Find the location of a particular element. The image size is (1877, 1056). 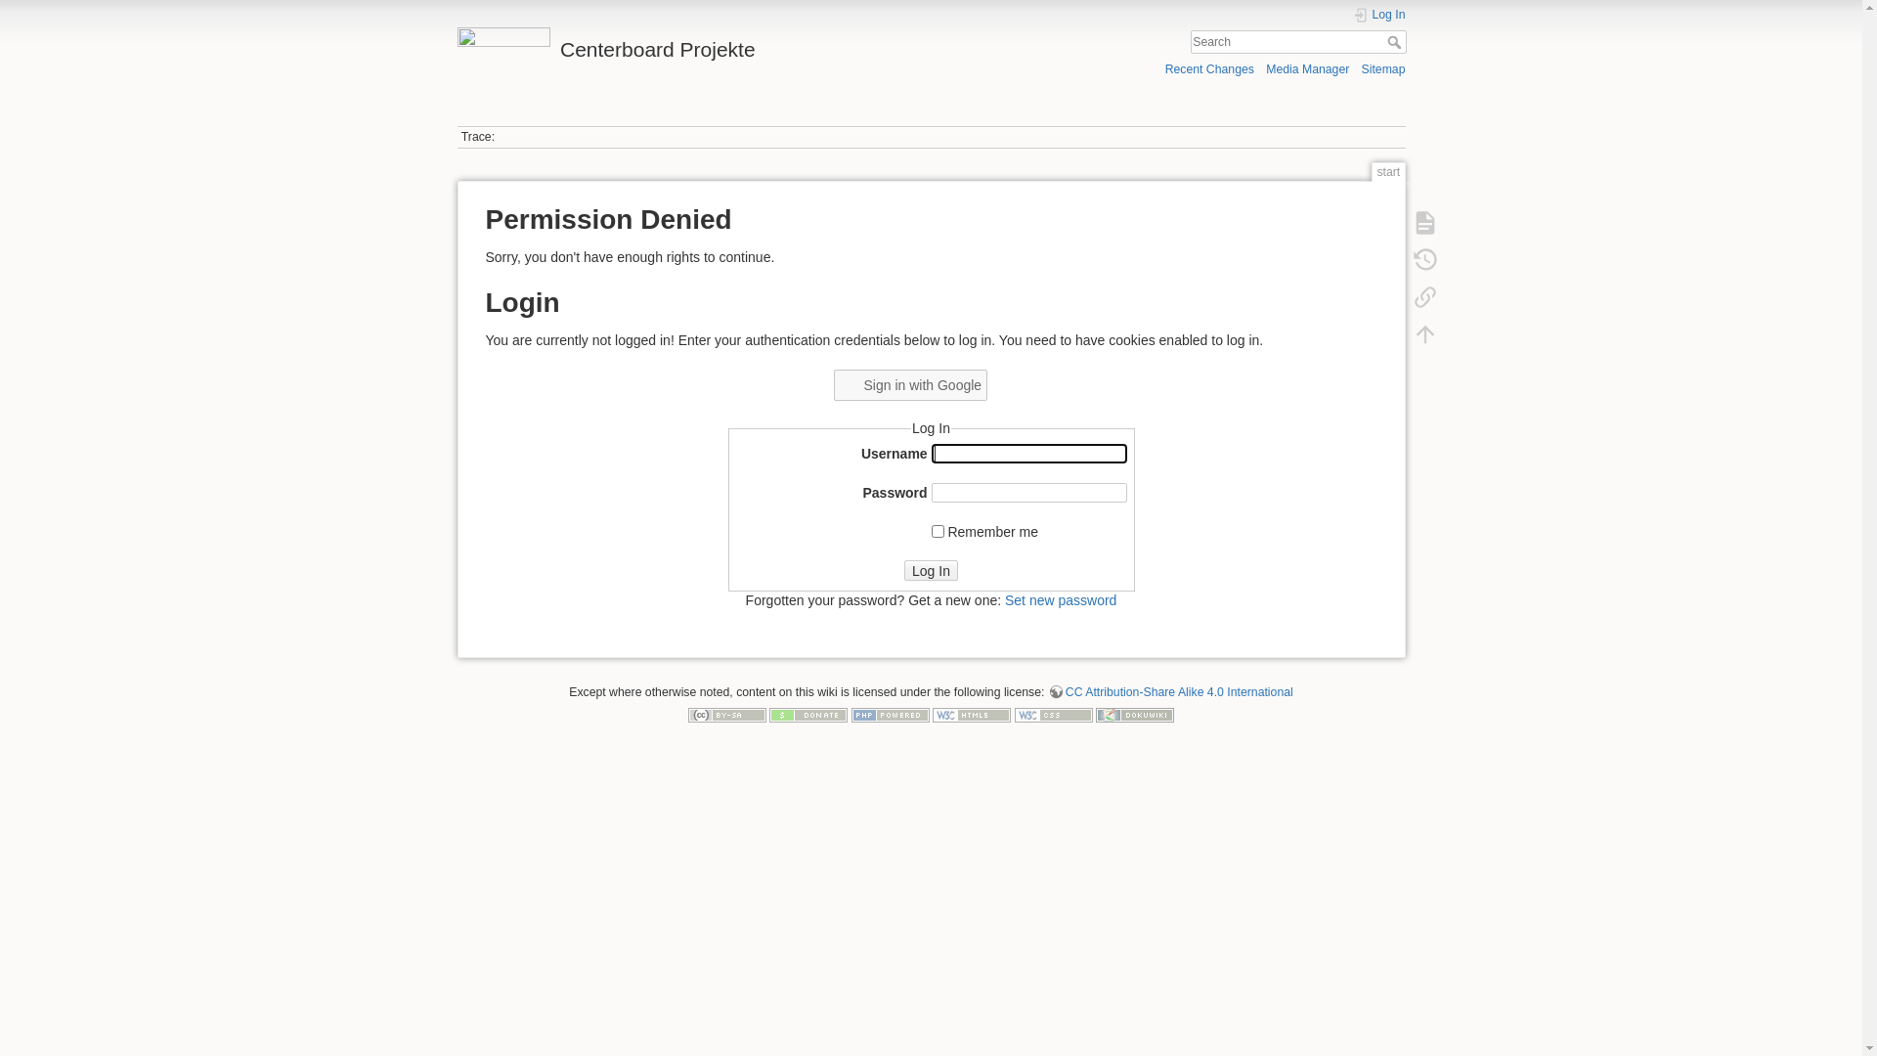

'Media Manager' is located at coordinates (1307, 67).